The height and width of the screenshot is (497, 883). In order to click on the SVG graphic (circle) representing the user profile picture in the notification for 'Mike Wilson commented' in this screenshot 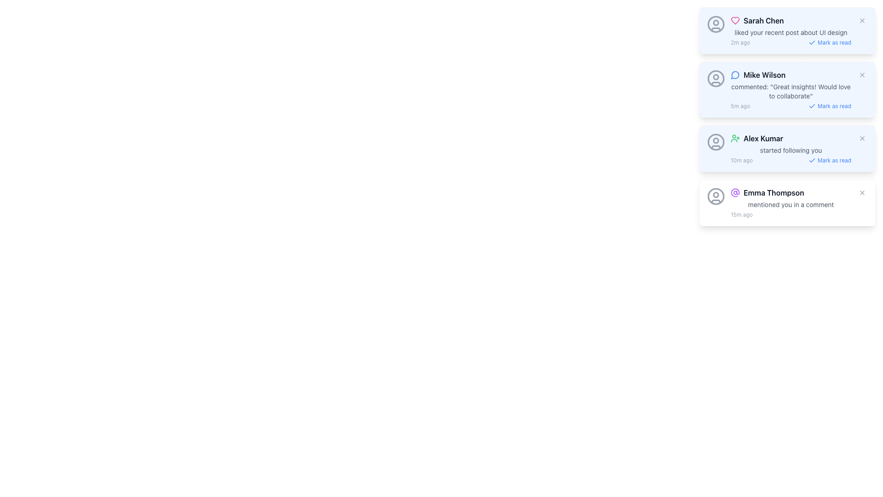, I will do `click(715, 76)`.